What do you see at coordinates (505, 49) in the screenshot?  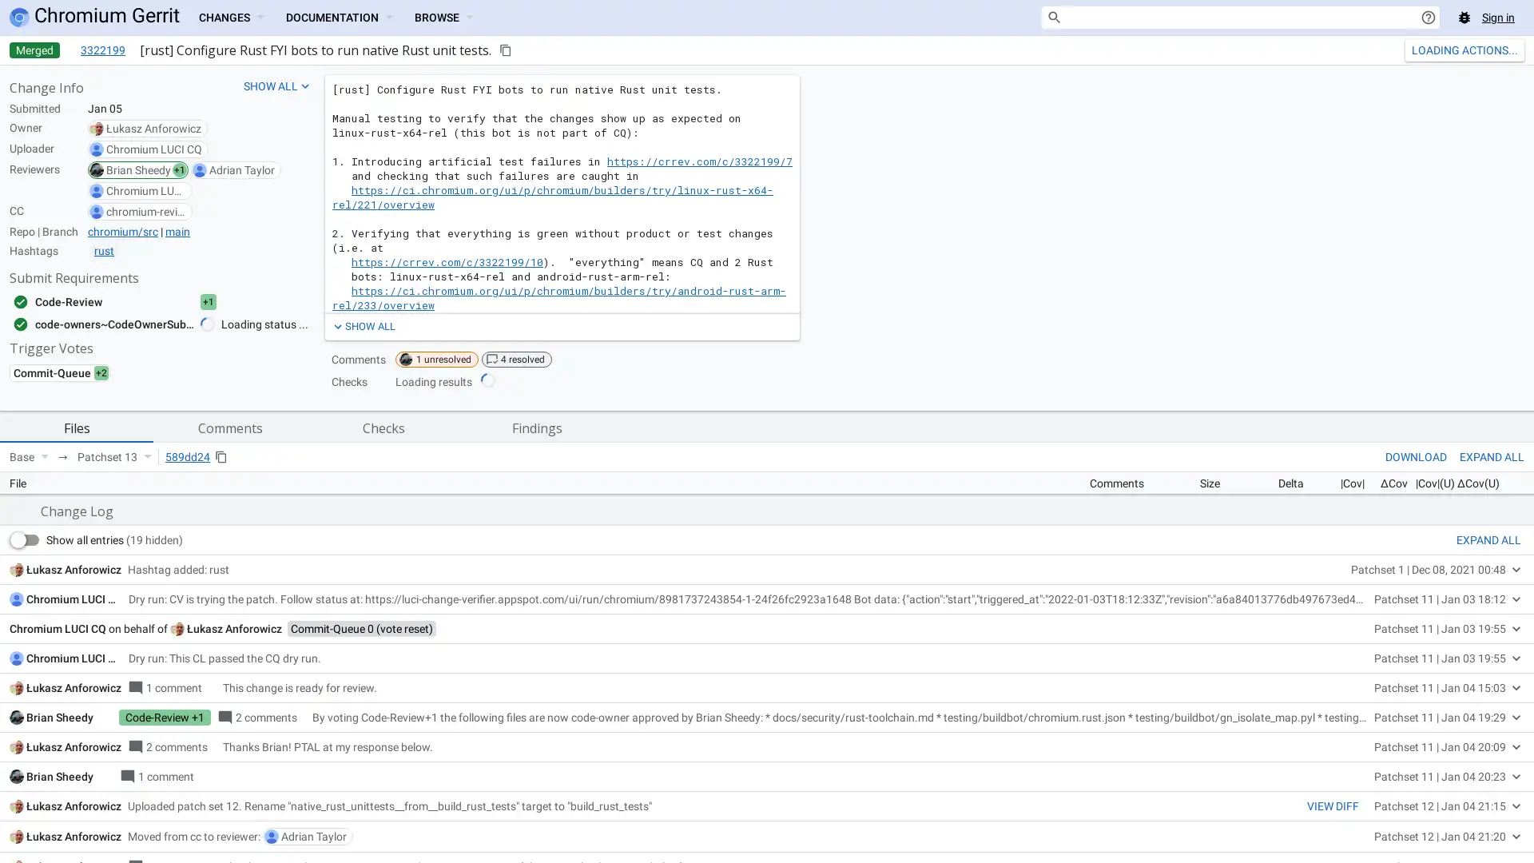 I see `Click to copy to clipboard` at bounding box center [505, 49].